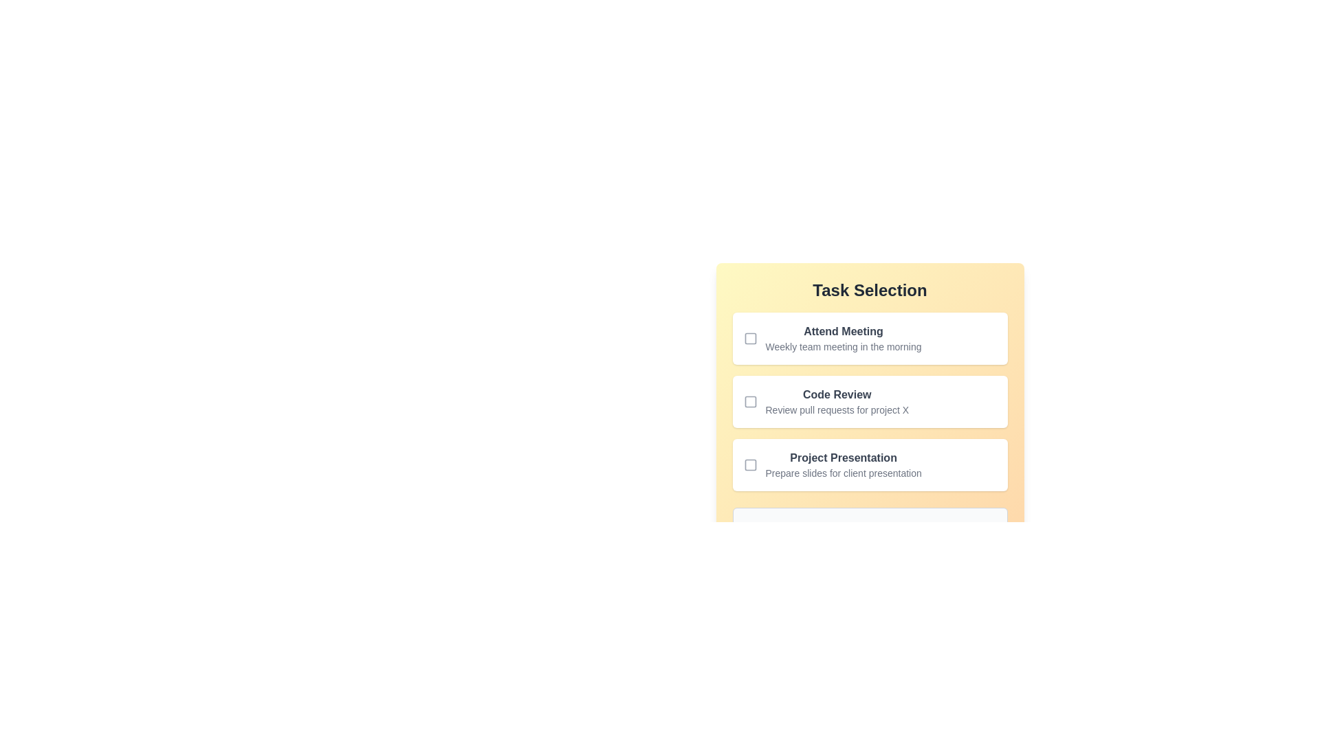  What do you see at coordinates (869, 339) in the screenshot?
I see `the 'Attend Meeting' task item which includes a checkbox and reads its full content` at bounding box center [869, 339].